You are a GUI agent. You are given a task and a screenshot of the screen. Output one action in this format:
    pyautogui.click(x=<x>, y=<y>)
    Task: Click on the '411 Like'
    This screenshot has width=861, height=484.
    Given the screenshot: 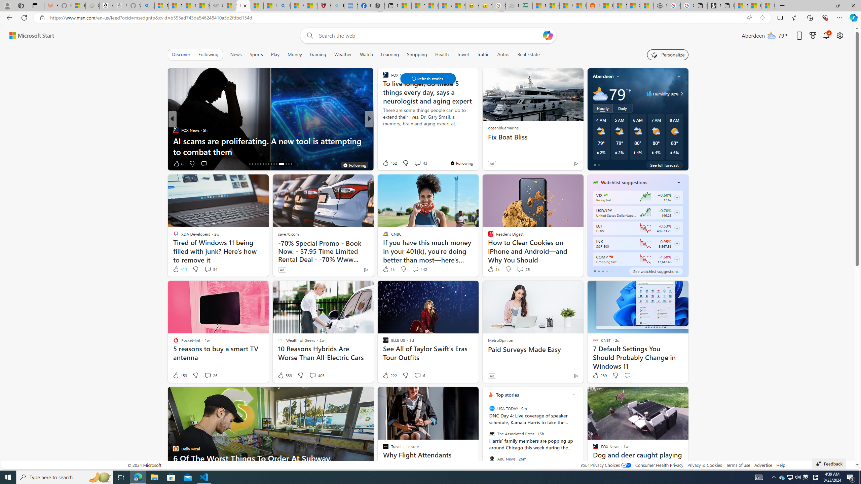 What is the action you would take?
    pyautogui.click(x=179, y=269)
    